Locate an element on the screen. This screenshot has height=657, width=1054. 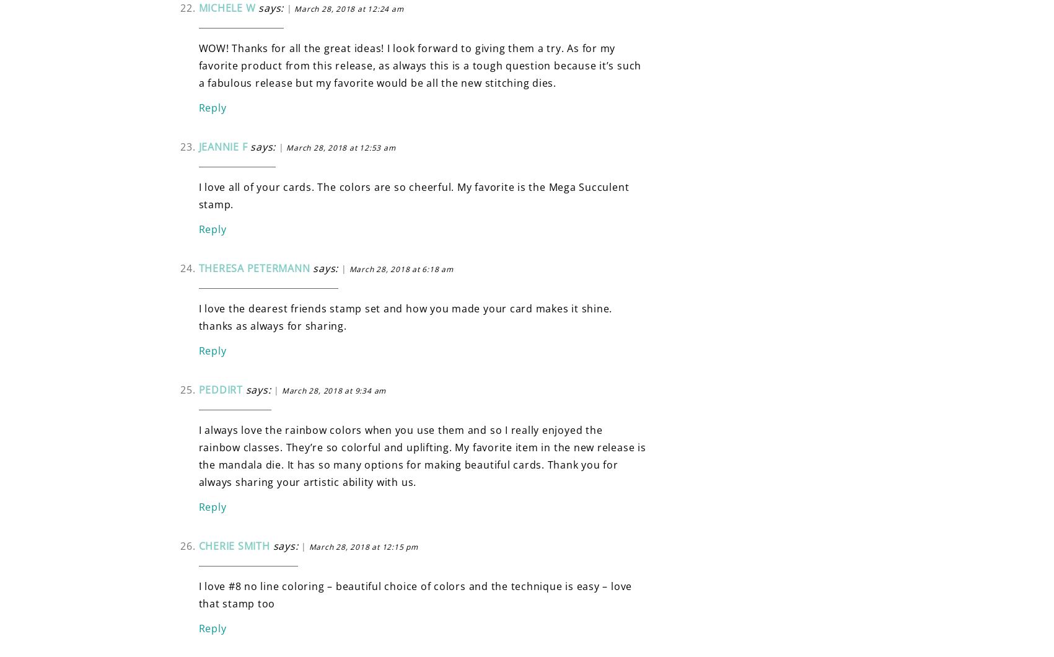
'I love the dearest friends stamp set and how you made your card makes it shine.   thanks as always for sharing.' is located at coordinates (405, 316).